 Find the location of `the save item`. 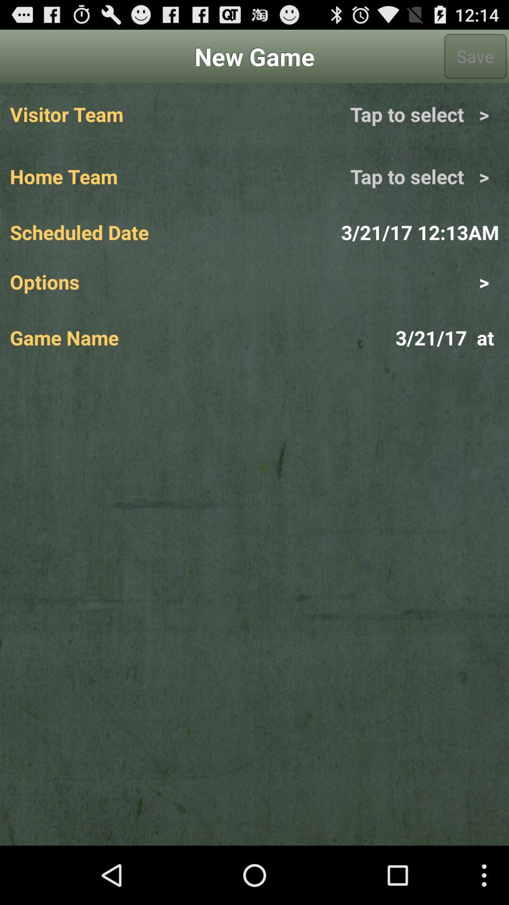

the save item is located at coordinates (475, 56).